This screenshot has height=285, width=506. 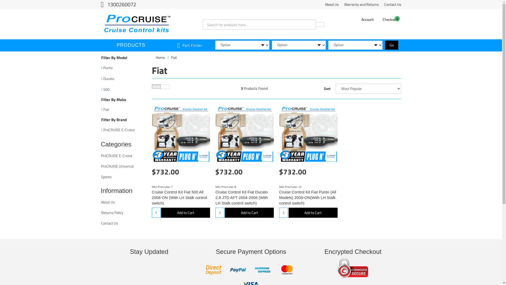 What do you see at coordinates (361, 4) in the screenshot?
I see `'Warranty and Returns'` at bounding box center [361, 4].